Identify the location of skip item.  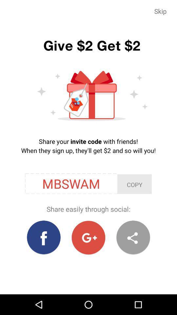
(160, 11).